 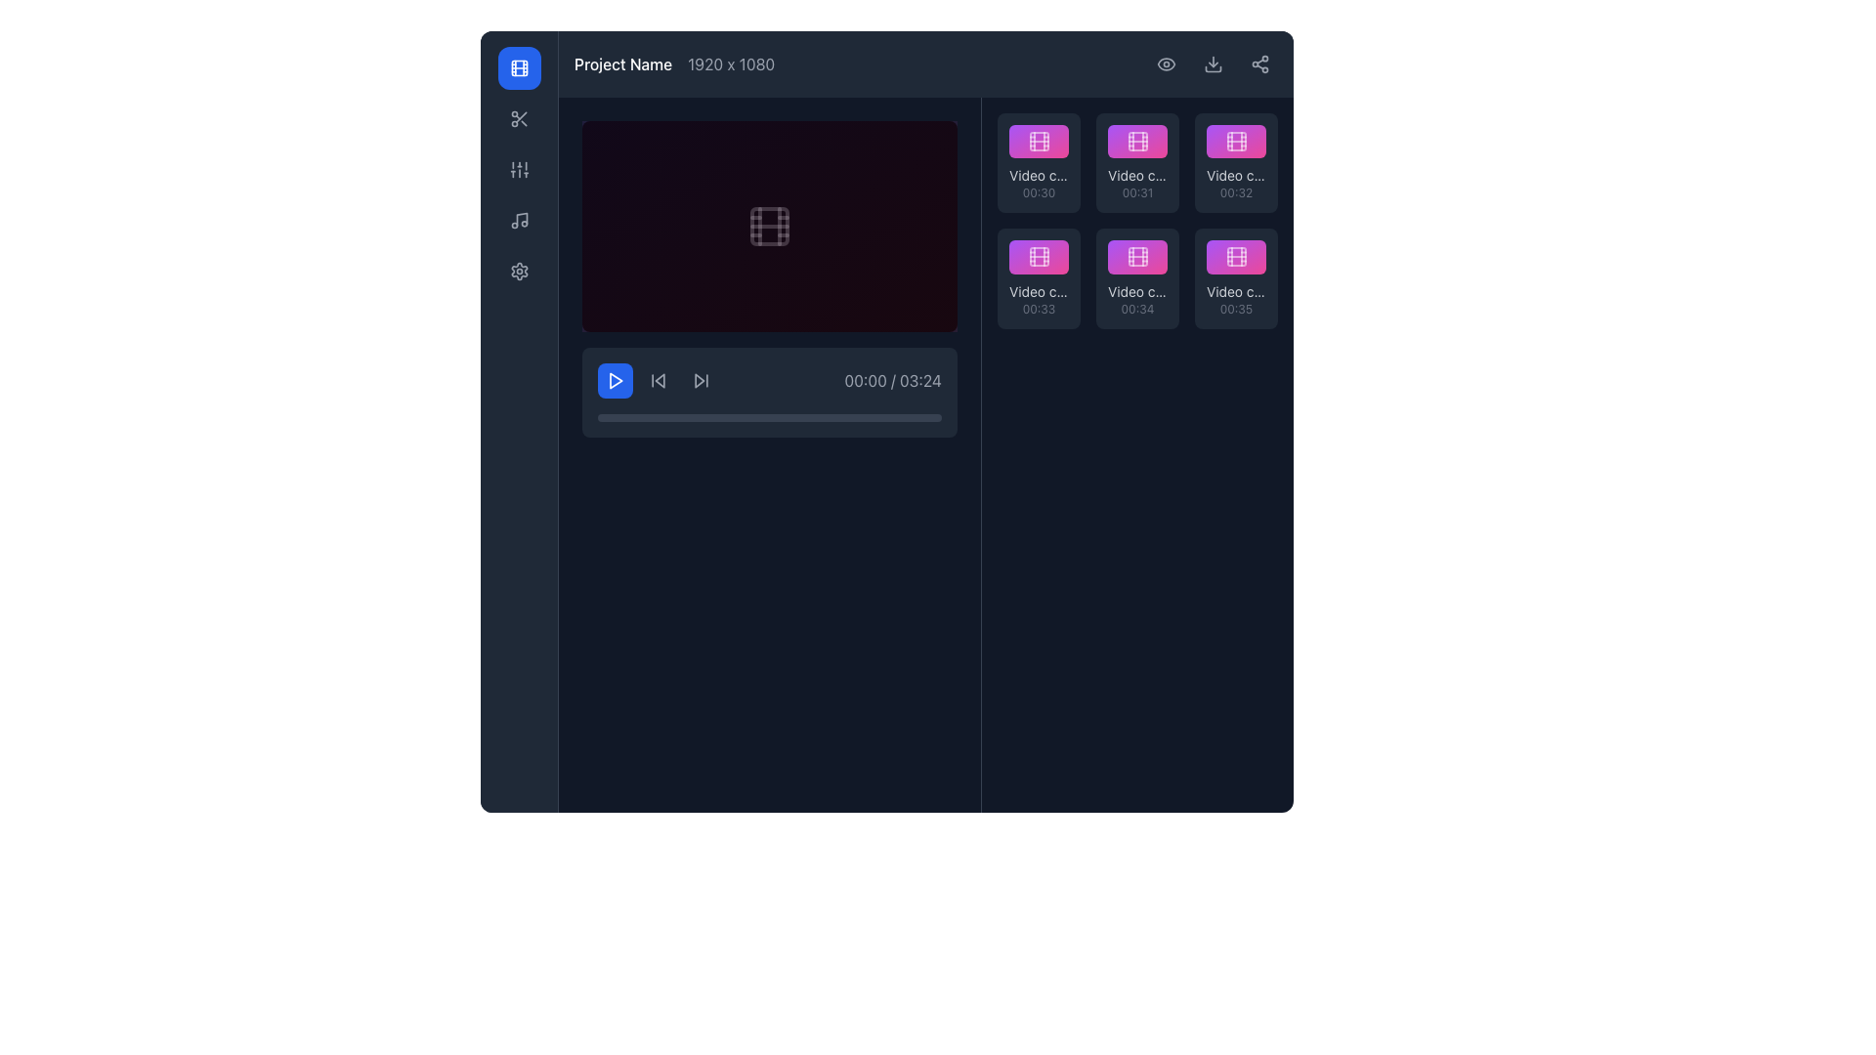 I want to click on text label displaying '00:33' located underneath the title 'Video clip 4' in a small gray font, so click(x=1038, y=308).